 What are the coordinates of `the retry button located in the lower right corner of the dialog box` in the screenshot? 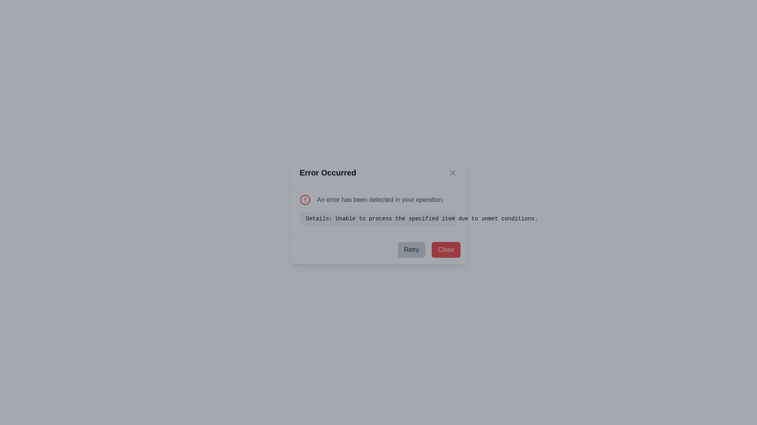 It's located at (411, 250).